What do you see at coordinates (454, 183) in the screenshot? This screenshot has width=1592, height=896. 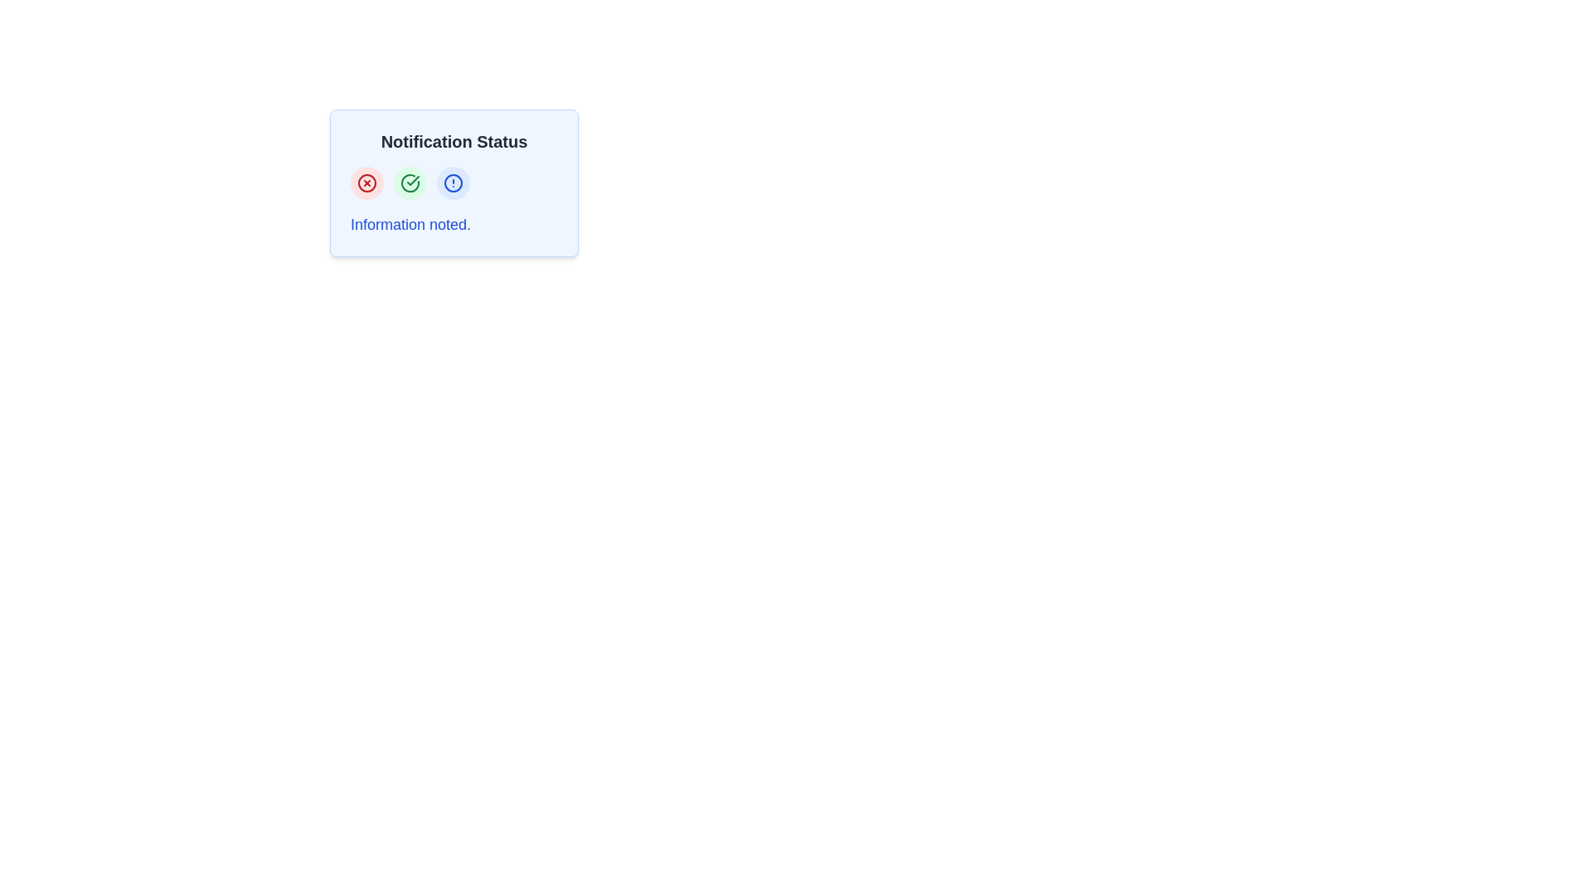 I see `the circular border of the third icon in the alert icon set, which is outlined and symmetrically positioned` at bounding box center [454, 183].